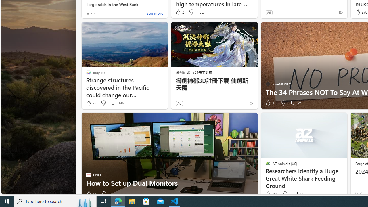 The width and height of the screenshot is (368, 207). Describe the element at coordinates (270, 103) in the screenshot. I see `'31 Like'` at that location.